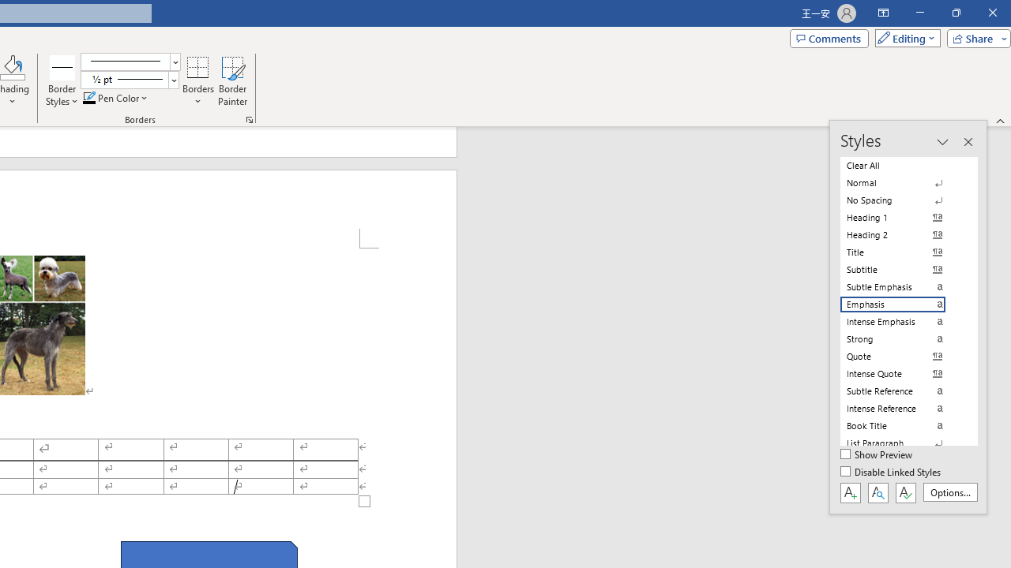 The height and width of the screenshot is (568, 1011). What do you see at coordinates (905, 491) in the screenshot?
I see `'Class: NetUIButton'` at bounding box center [905, 491].